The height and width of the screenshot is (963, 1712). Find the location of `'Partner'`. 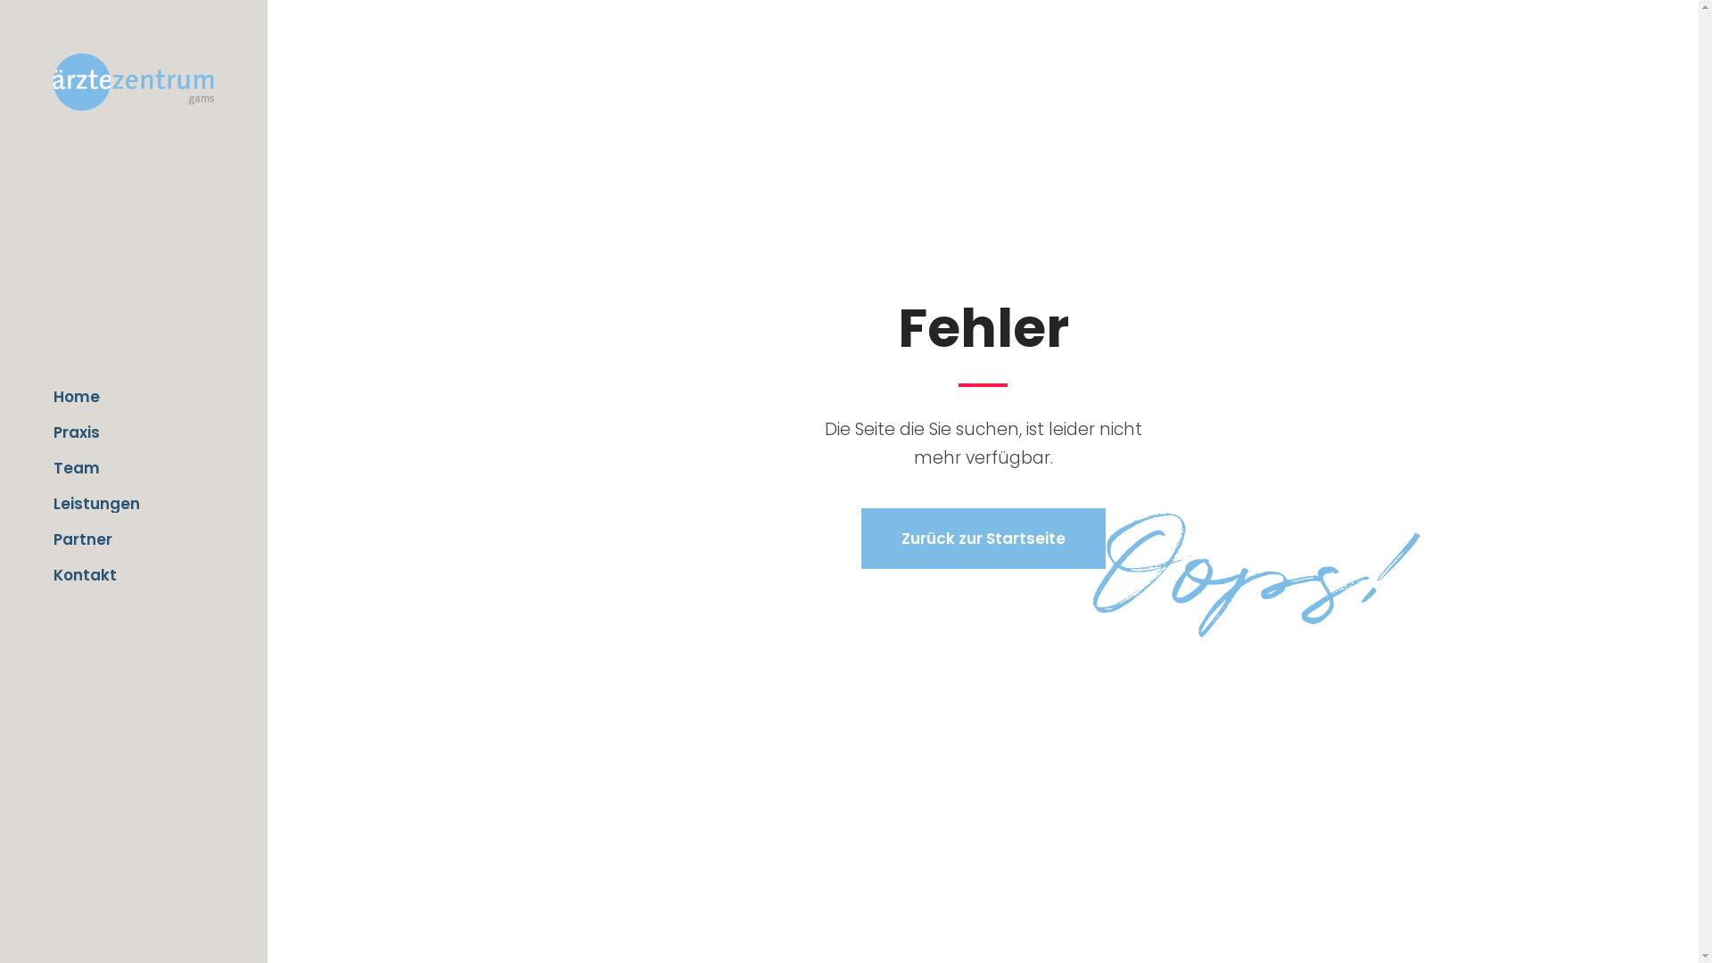

'Partner' is located at coordinates (132, 539).